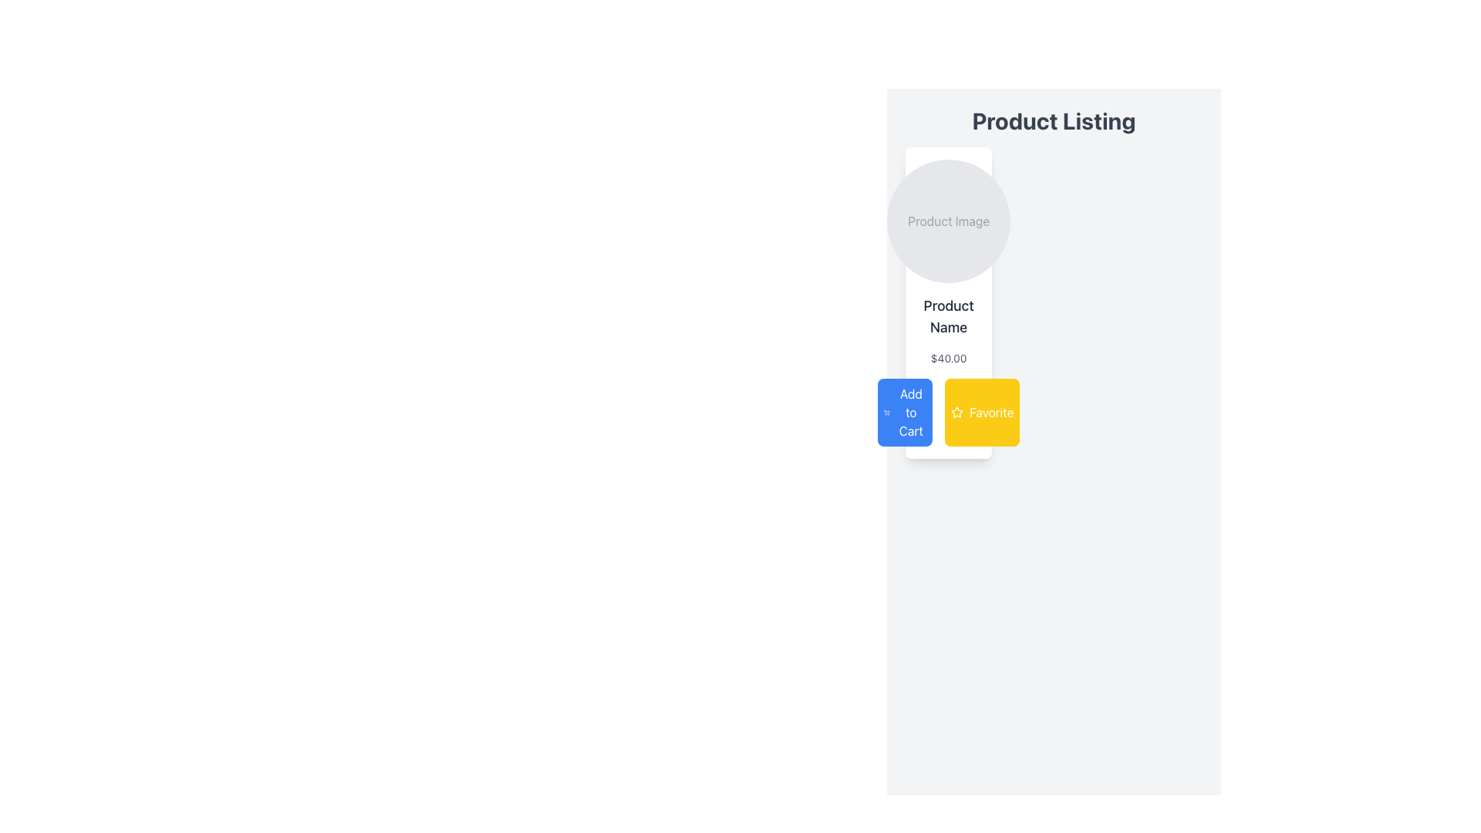  What do you see at coordinates (948, 303) in the screenshot?
I see `the first product display card in the grid layout under 'Product Listing'` at bounding box center [948, 303].